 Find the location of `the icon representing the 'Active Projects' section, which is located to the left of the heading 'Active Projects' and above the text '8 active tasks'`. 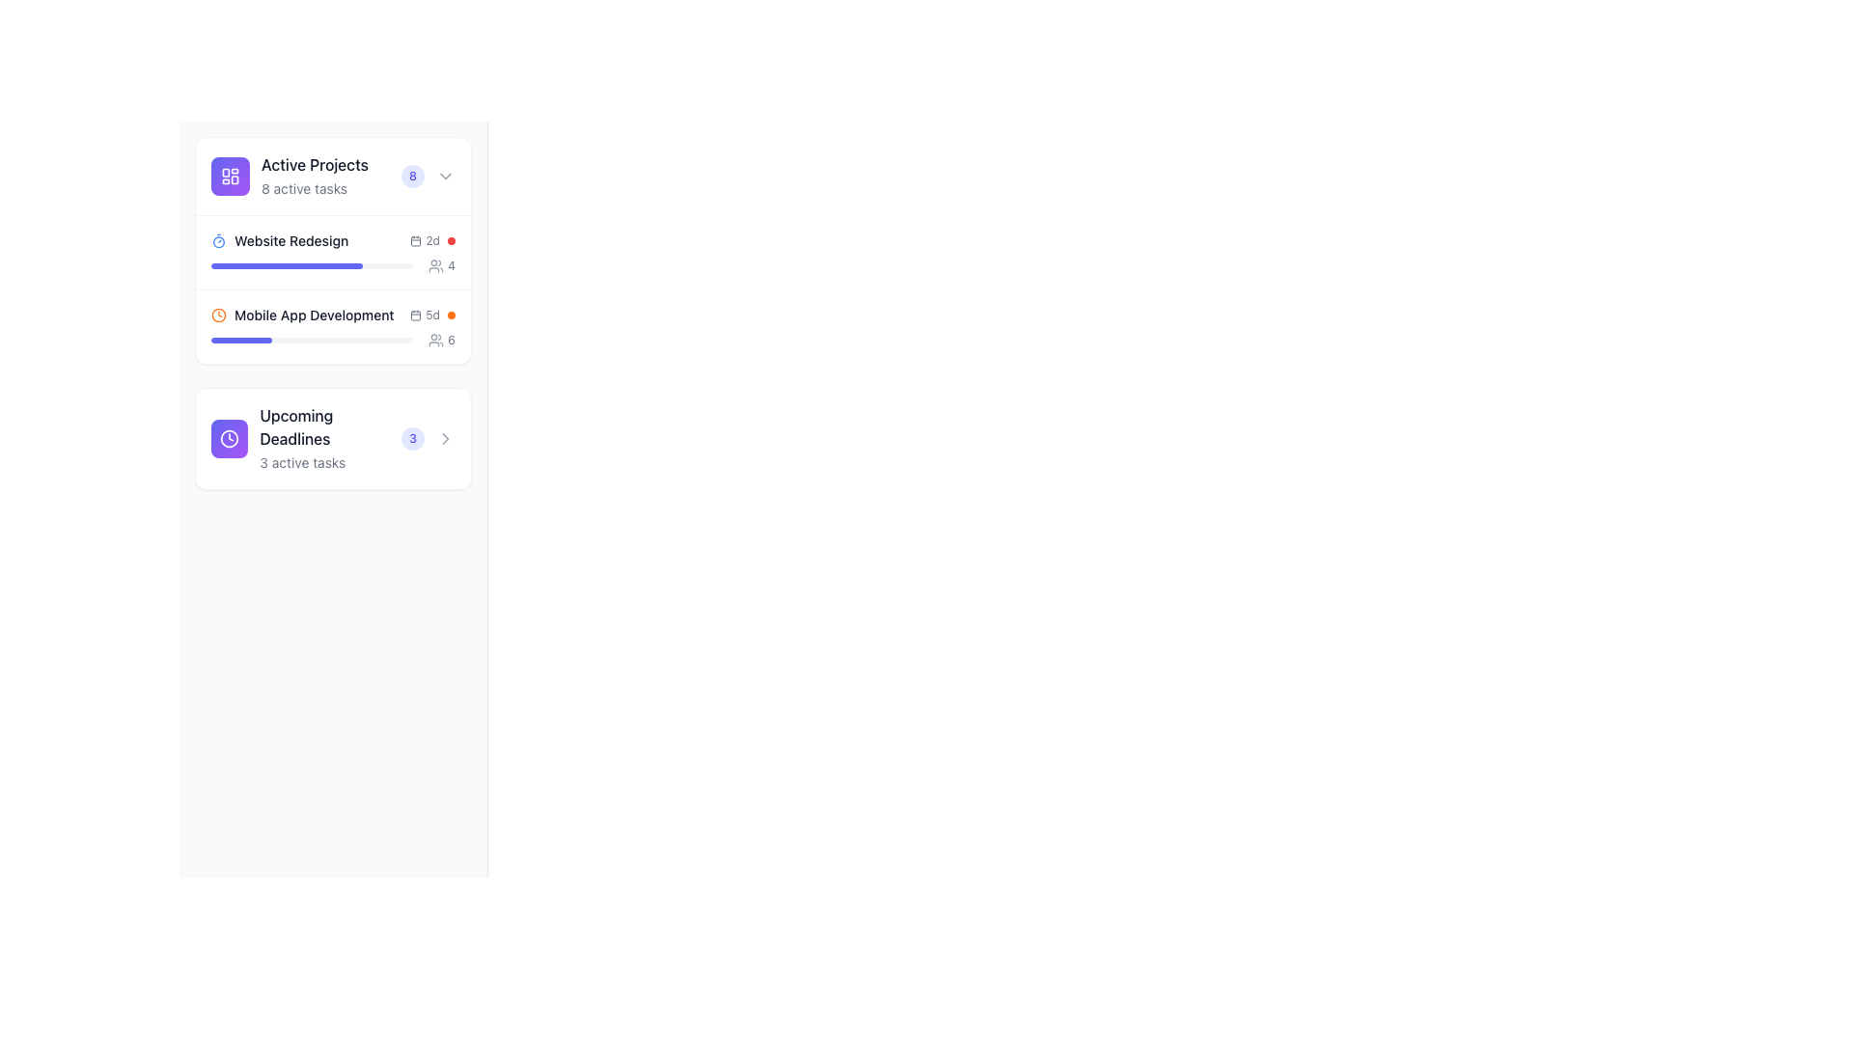

the icon representing the 'Active Projects' section, which is located to the left of the heading 'Active Projects' and above the text '8 active tasks' is located at coordinates (231, 176).